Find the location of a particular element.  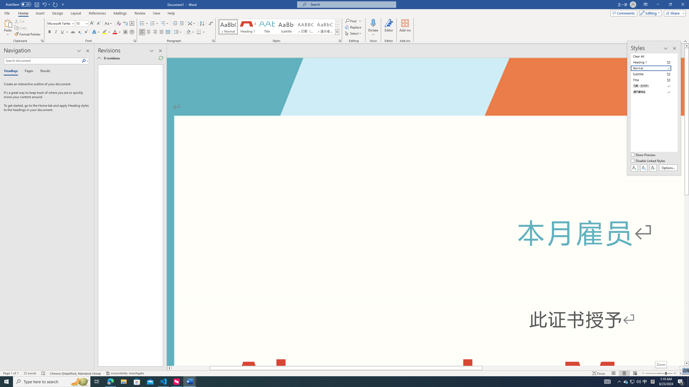

'Class: NetUIButton' is located at coordinates (653, 168).